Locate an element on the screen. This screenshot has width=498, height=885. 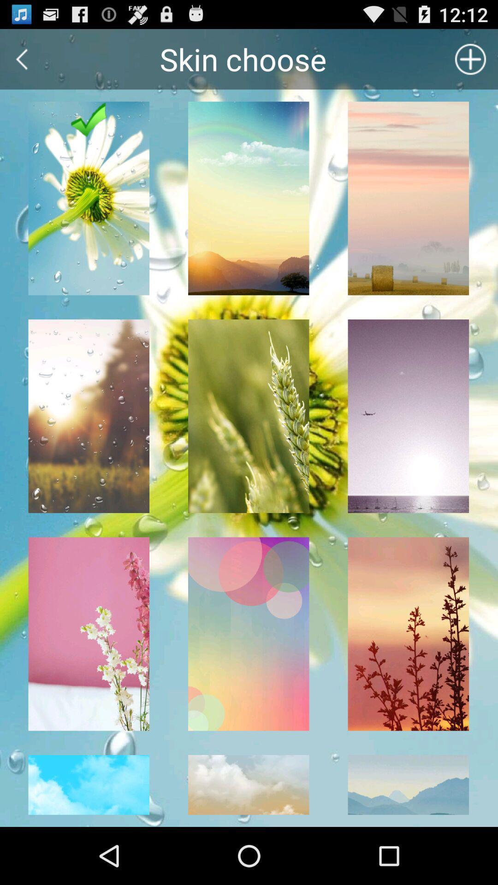
the third row first image is located at coordinates (89, 634).